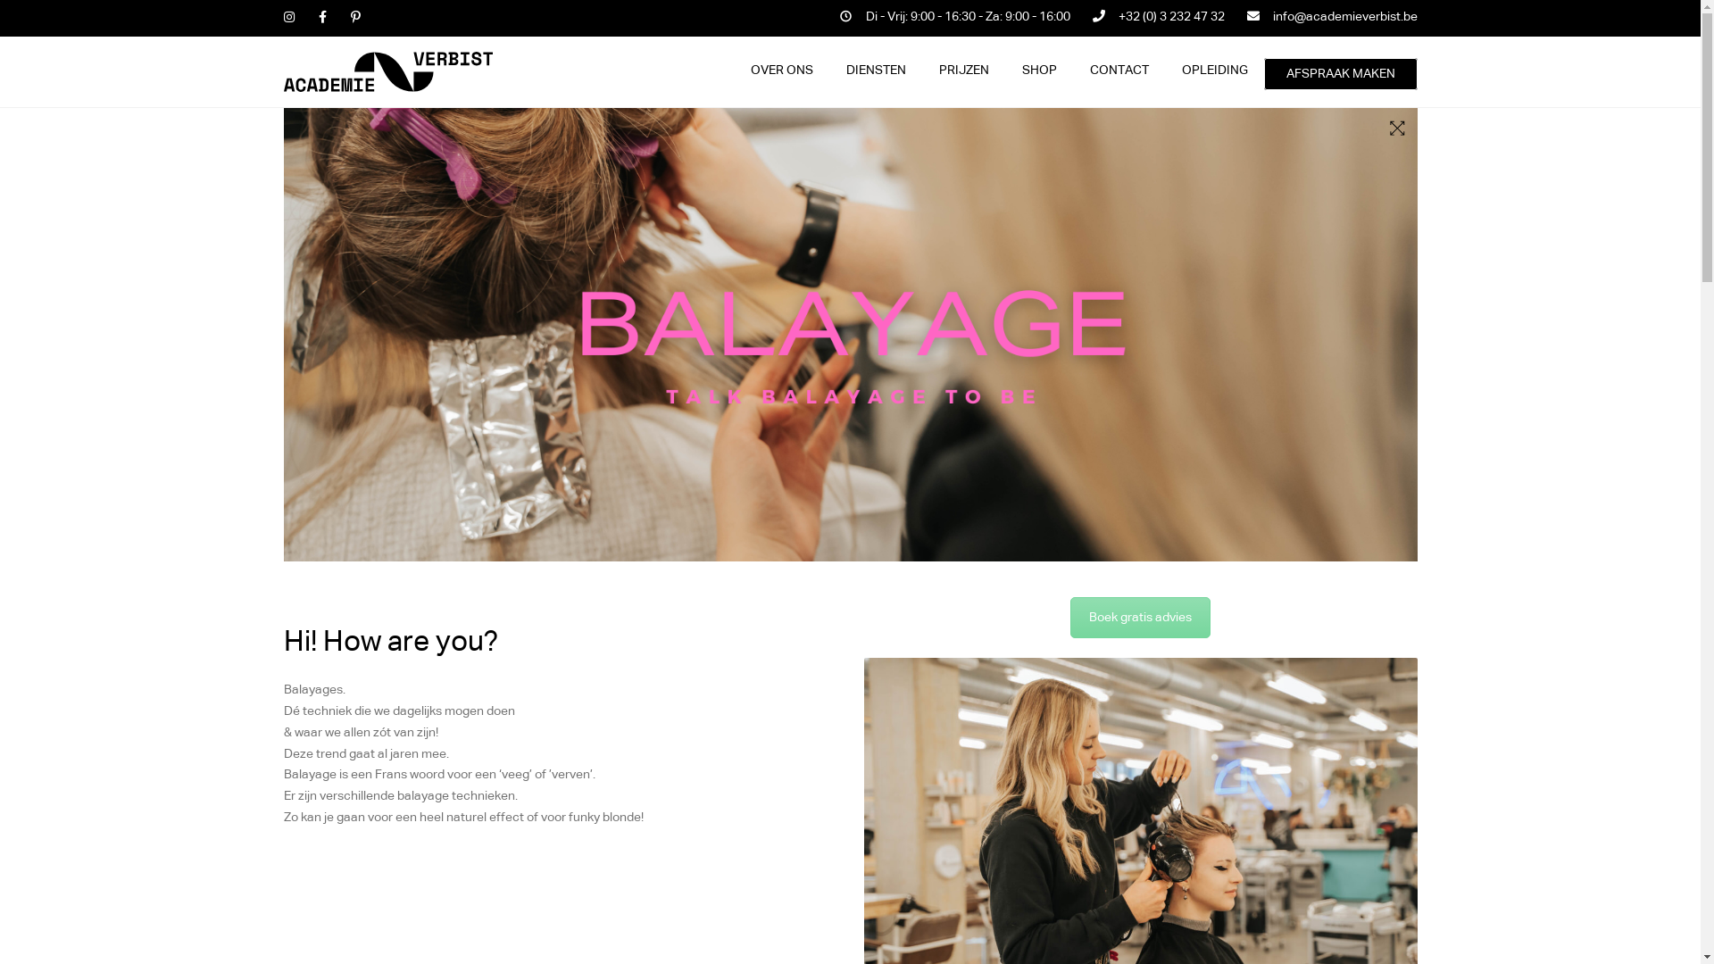 This screenshot has width=1714, height=964. What do you see at coordinates (876, 71) in the screenshot?
I see `'DIENSTEN'` at bounding box center [876, 71].